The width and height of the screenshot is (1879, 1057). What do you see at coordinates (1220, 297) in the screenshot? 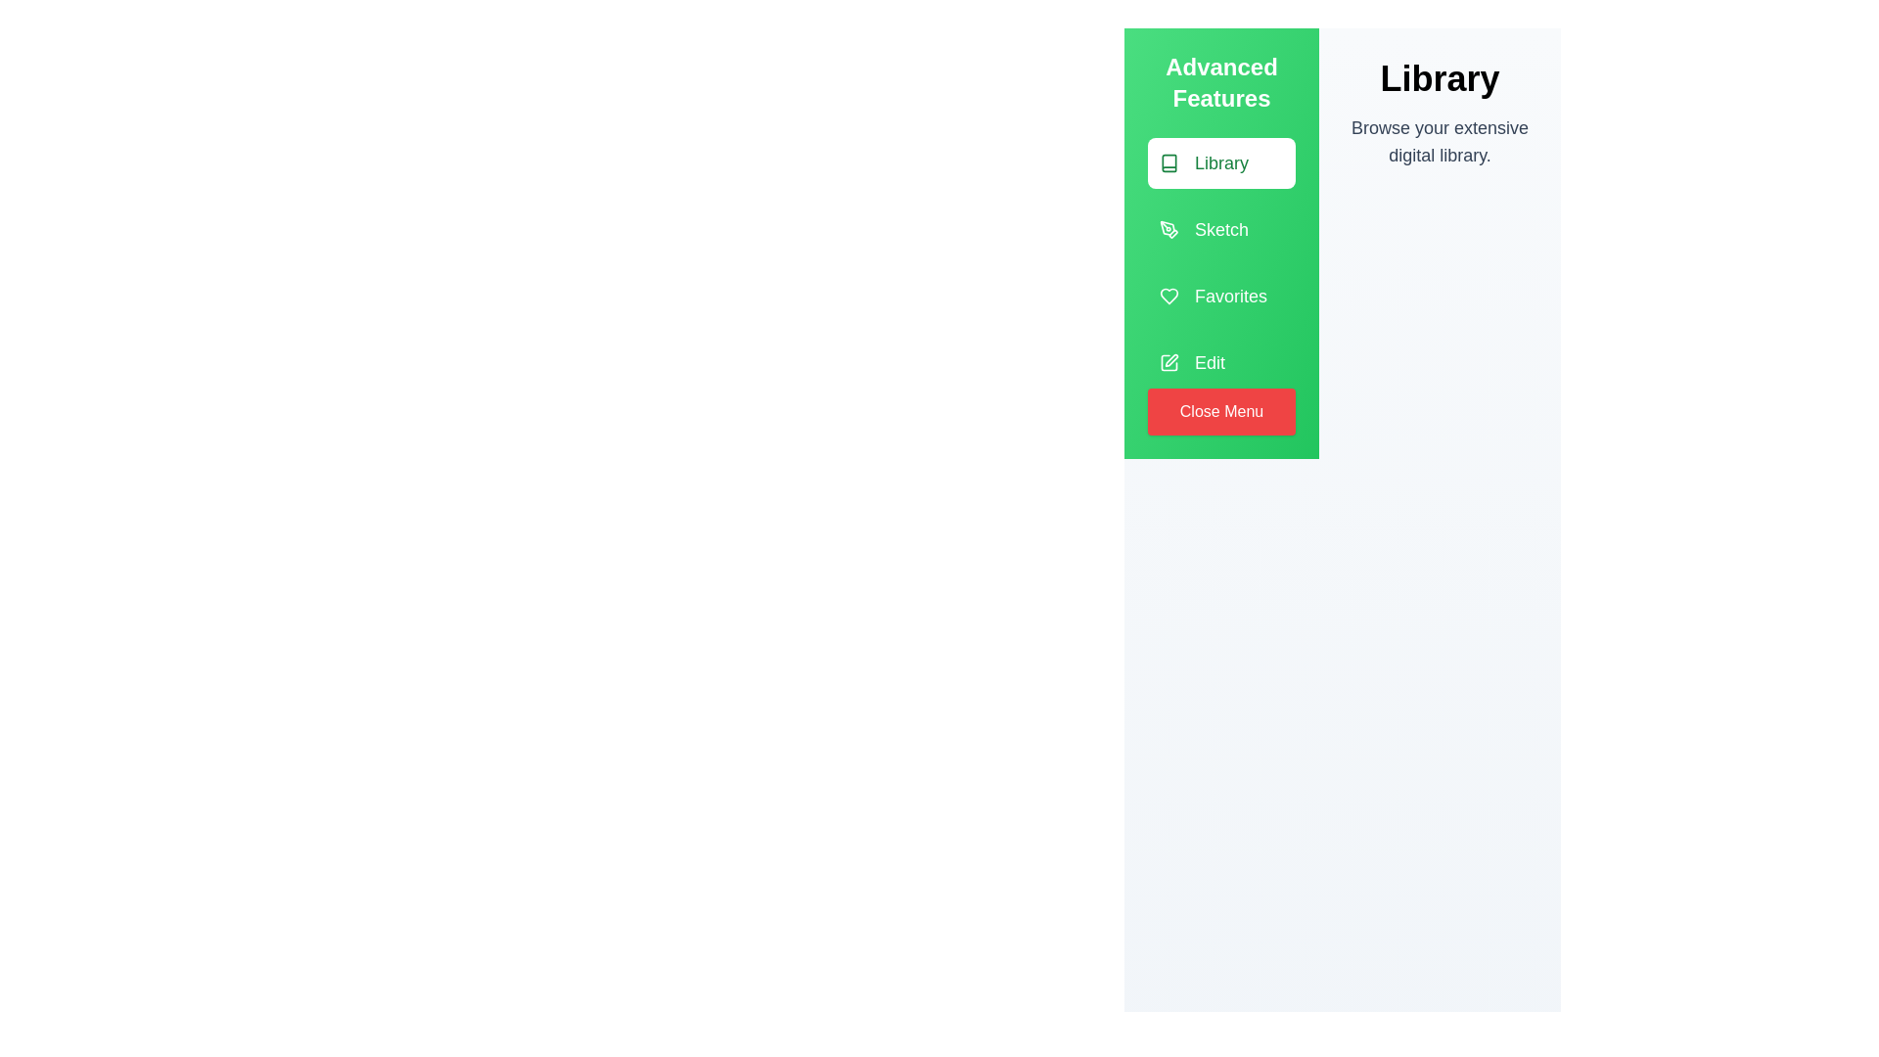
I see `the menu item 'Favorites' by clicking on it` at bounding box center [1220, 297].